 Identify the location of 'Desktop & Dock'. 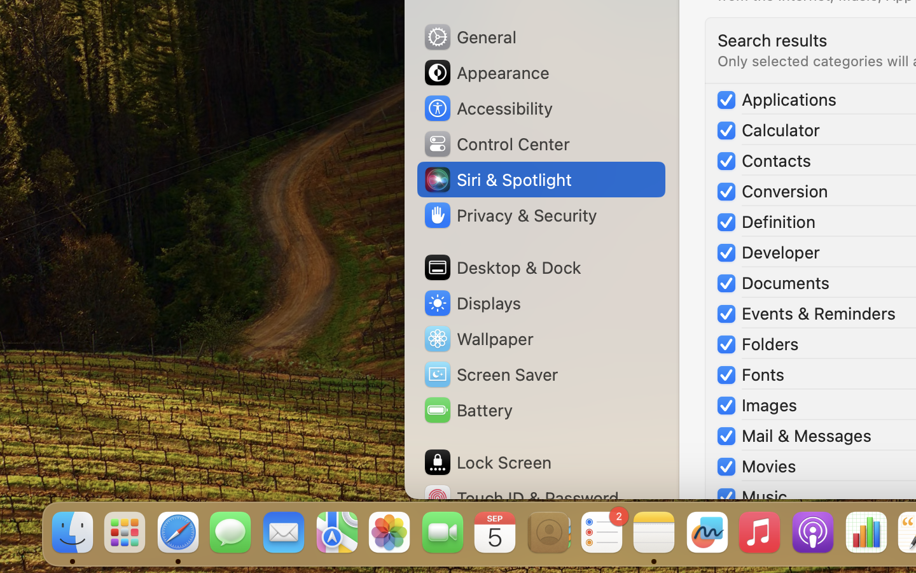
(501, 267).